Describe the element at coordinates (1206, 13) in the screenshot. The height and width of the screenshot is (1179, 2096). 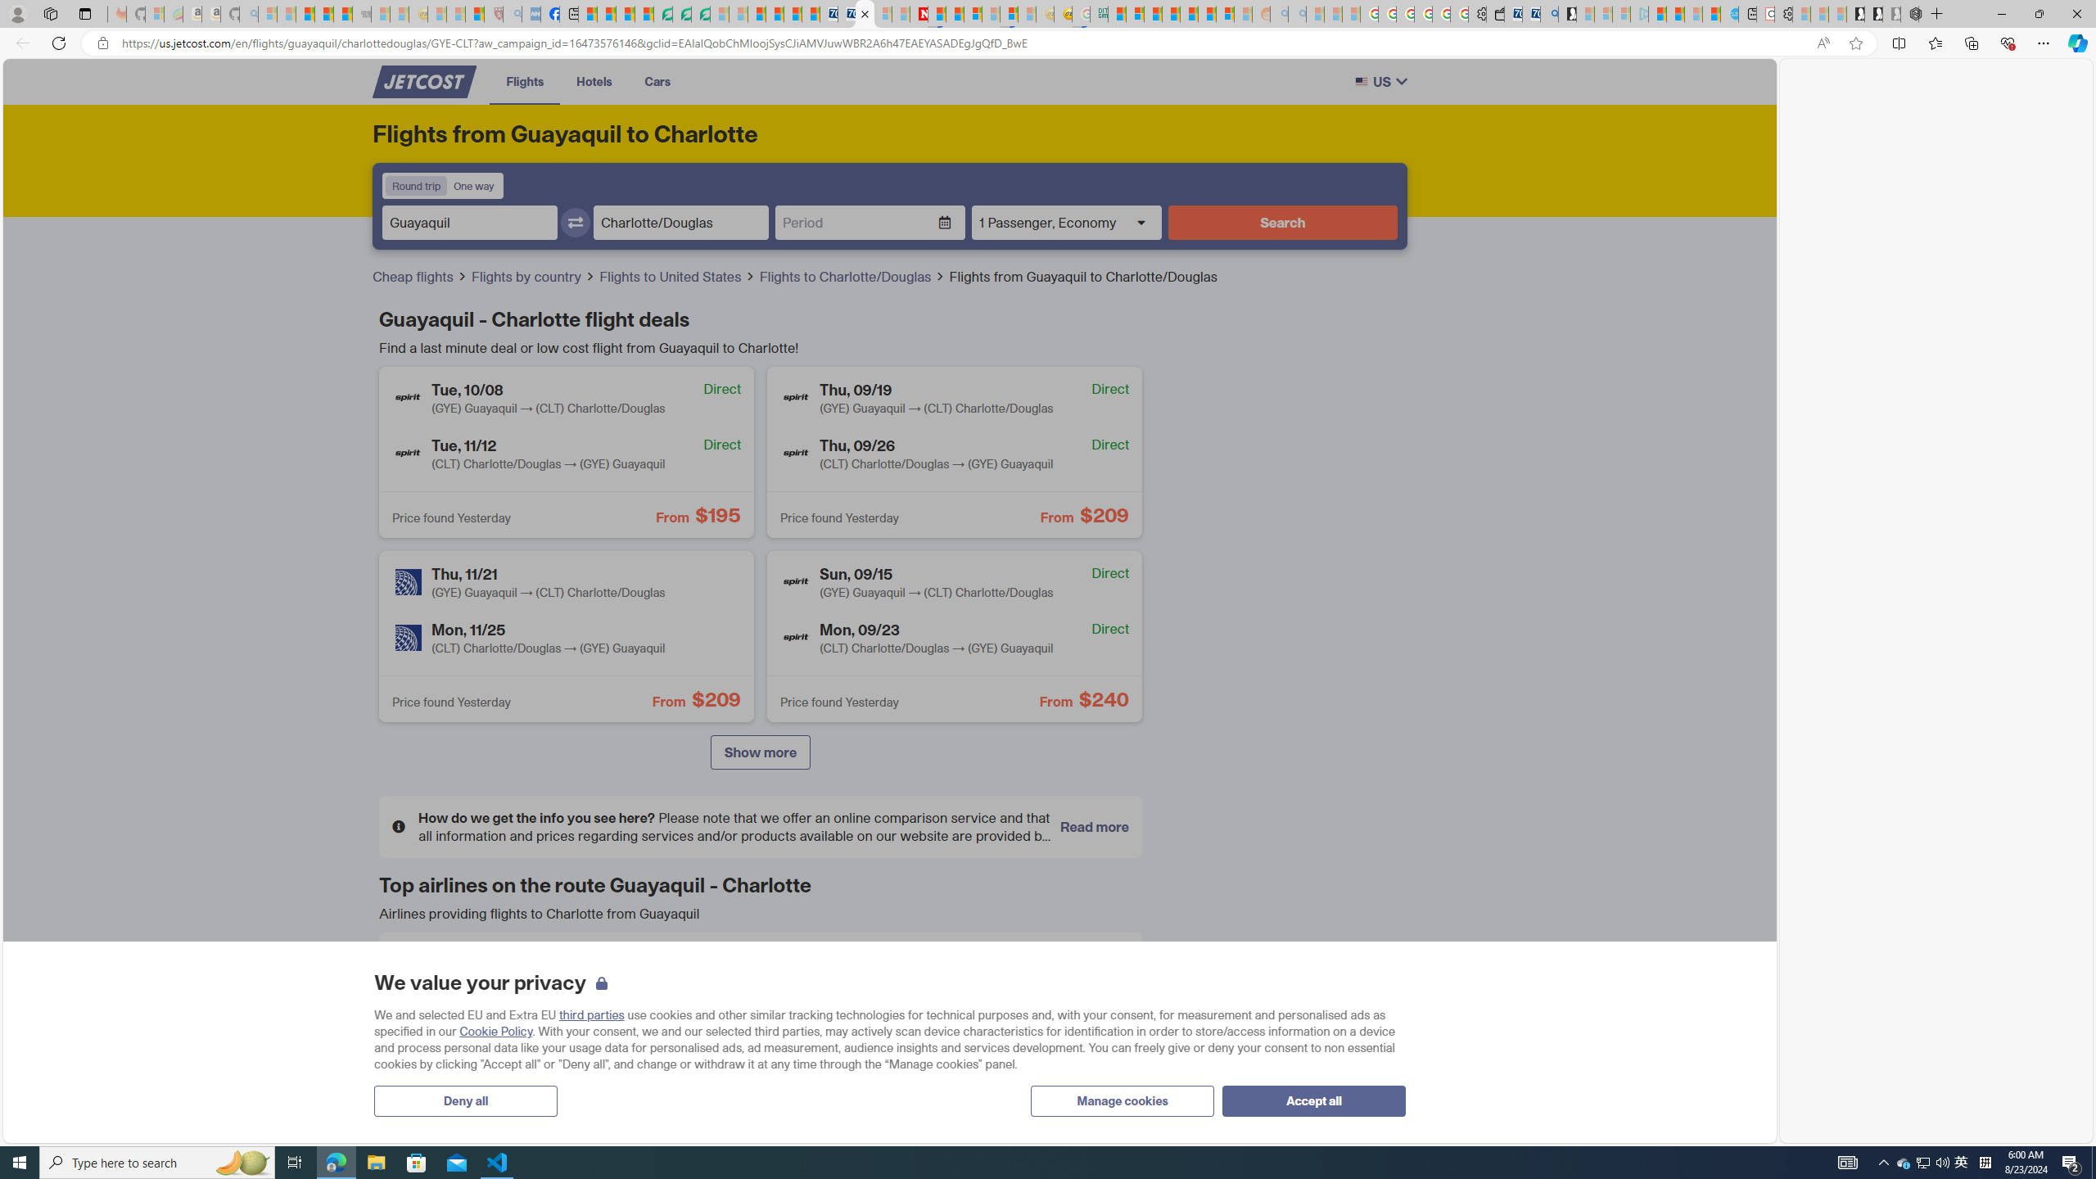
I see `'Kinda Frugal - MSN'` at that location.